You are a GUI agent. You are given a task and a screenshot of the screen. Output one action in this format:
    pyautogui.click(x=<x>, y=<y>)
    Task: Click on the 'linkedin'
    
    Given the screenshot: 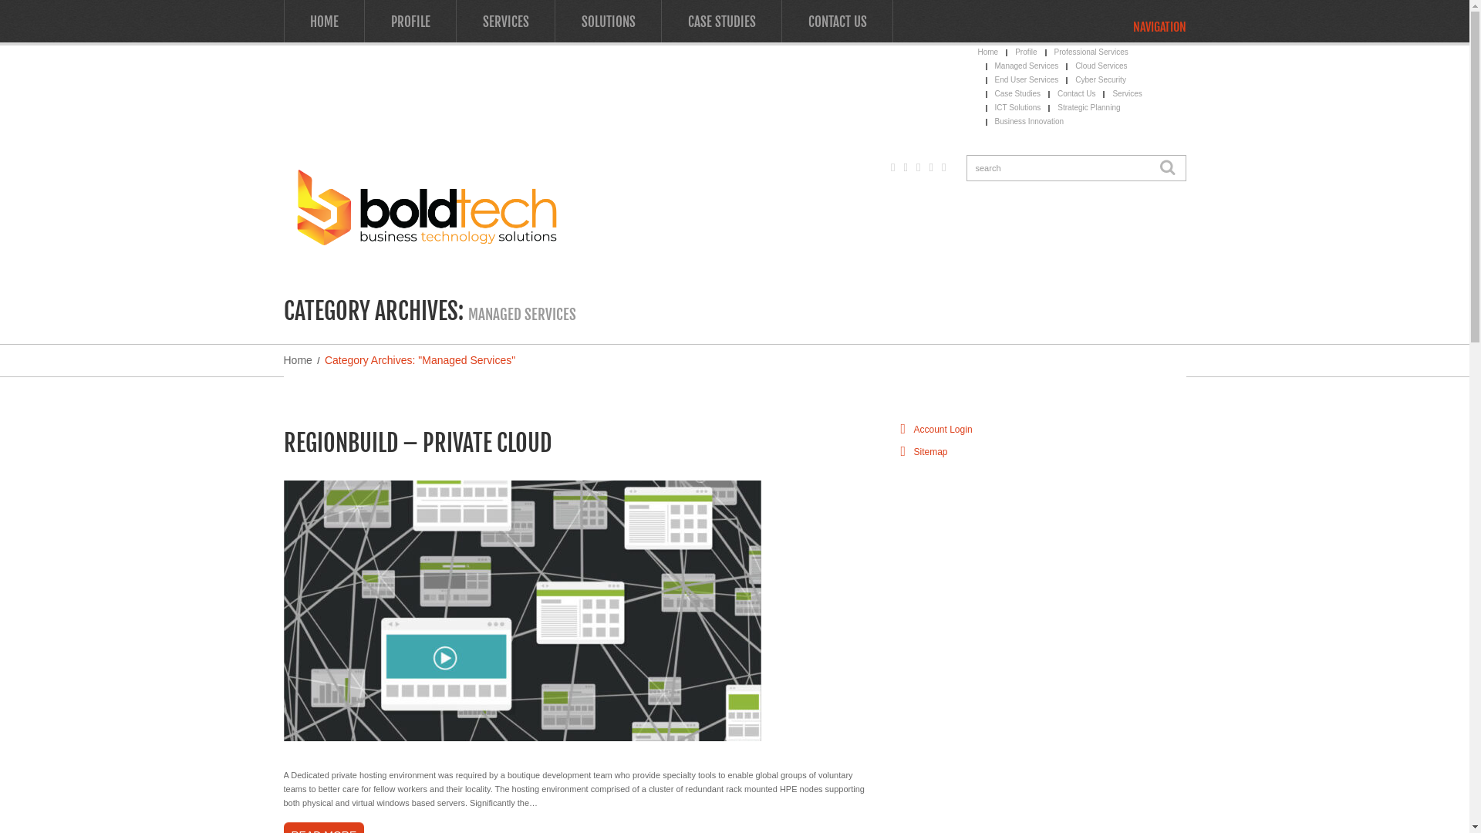 What is the action you would take?
    pyautogui.click(x=943, y=167)
    